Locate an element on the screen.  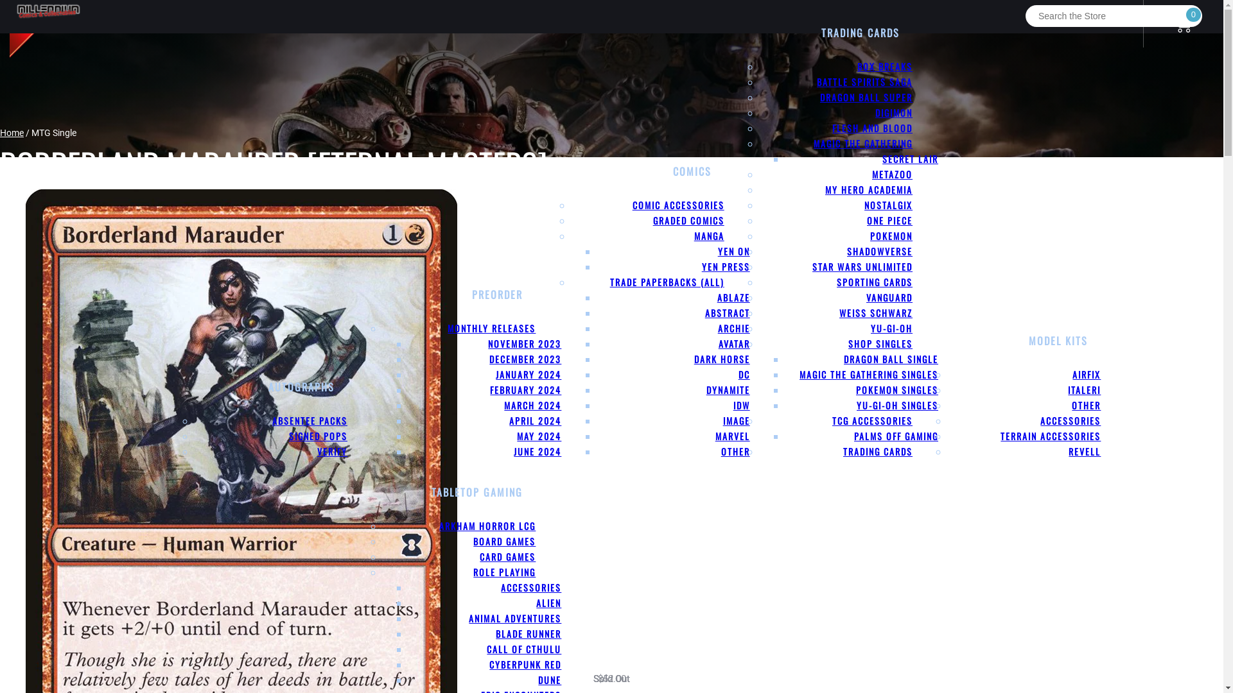
'ARKHAM HORROR LCG' is located at coordinates (439, 526).